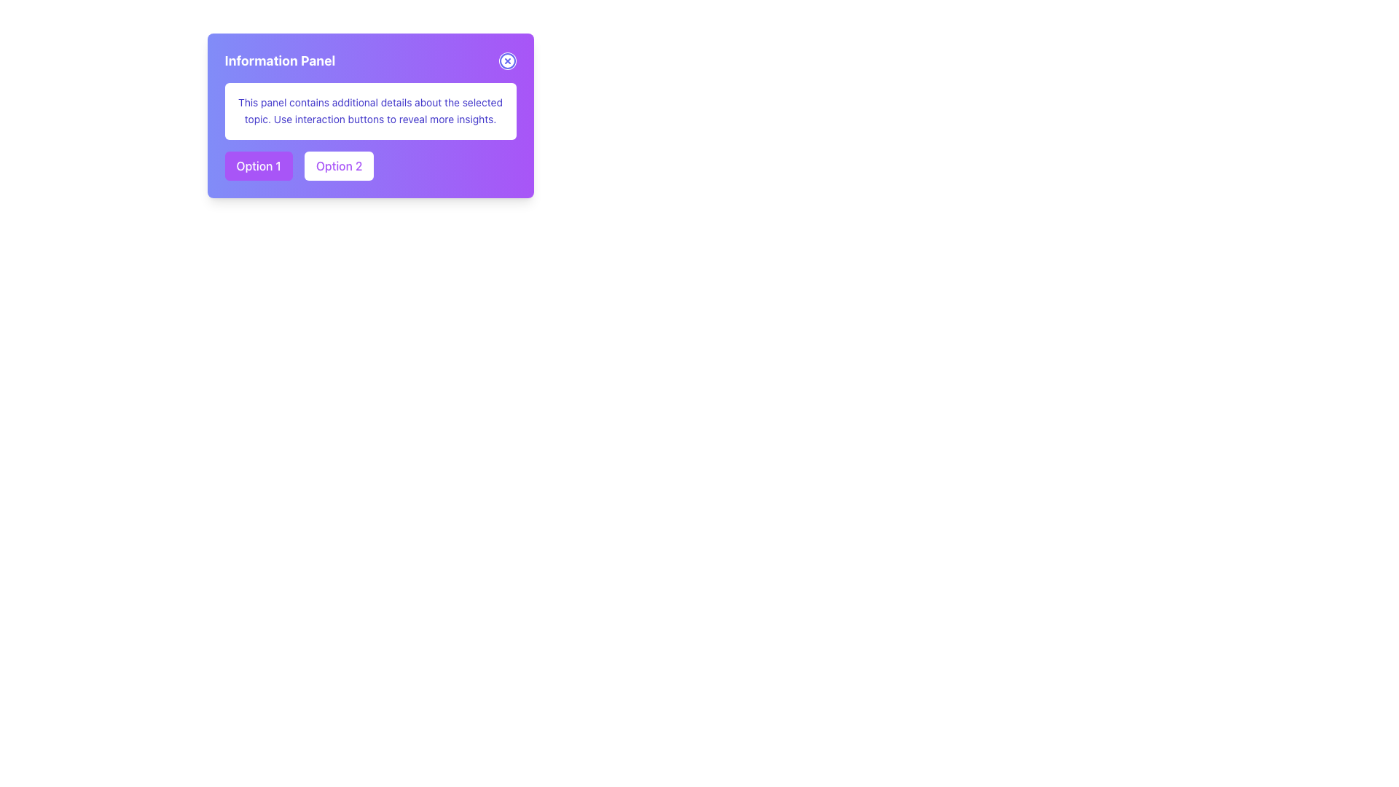 Image resolution: width=1399 pixels, height=787 pixels. I want to click on the button labeled 'Option 1' which has a prominent purple background and is located within the 'Information Panel', so click(259, 165).